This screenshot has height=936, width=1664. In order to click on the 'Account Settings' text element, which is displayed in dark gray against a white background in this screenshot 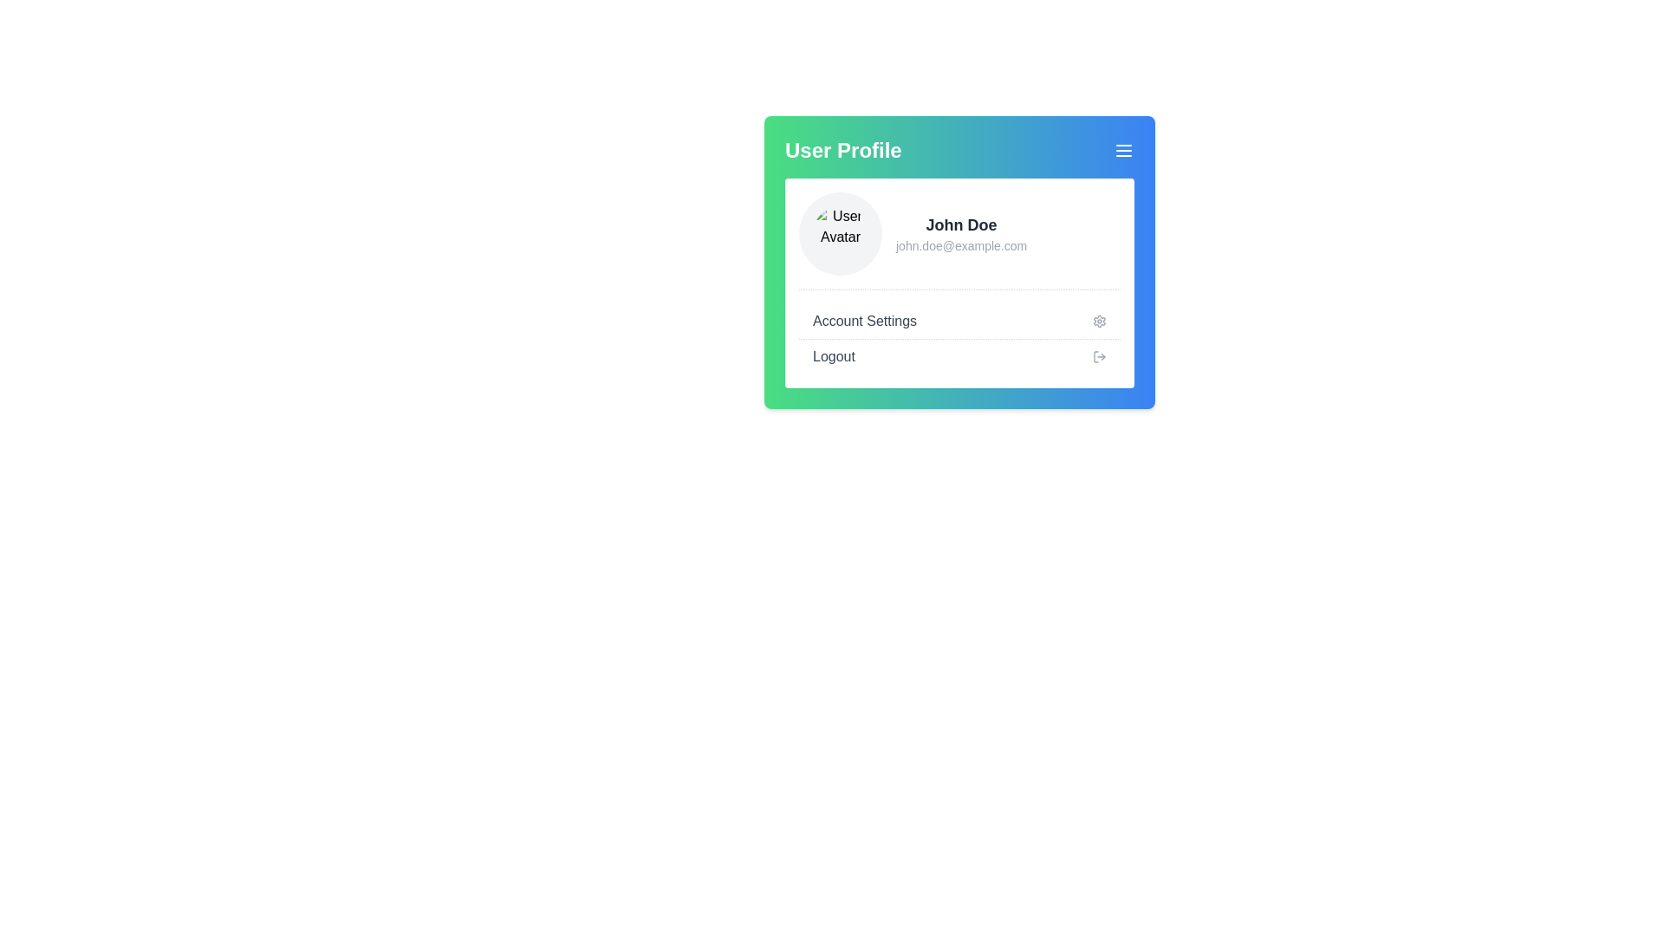, I will do `click(865, 321)`.